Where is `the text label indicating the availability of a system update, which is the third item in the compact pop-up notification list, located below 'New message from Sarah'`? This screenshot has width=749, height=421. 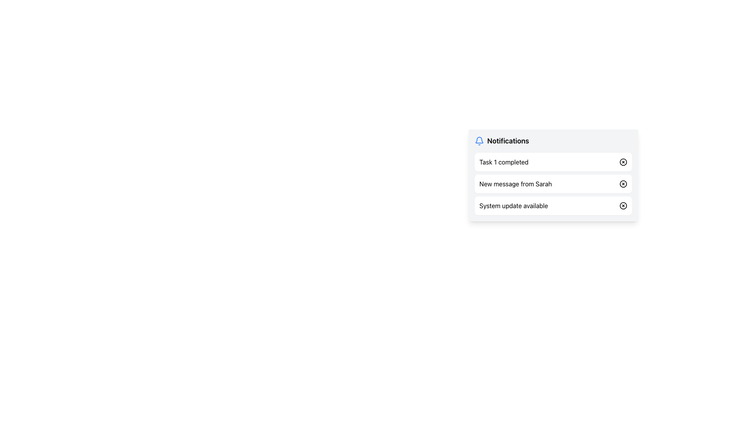 the text label indicating the availability of a system update, which is the third item in the compact pop-up notification list, located below 'New message from Sarah' is located at coordinates (513, 205).